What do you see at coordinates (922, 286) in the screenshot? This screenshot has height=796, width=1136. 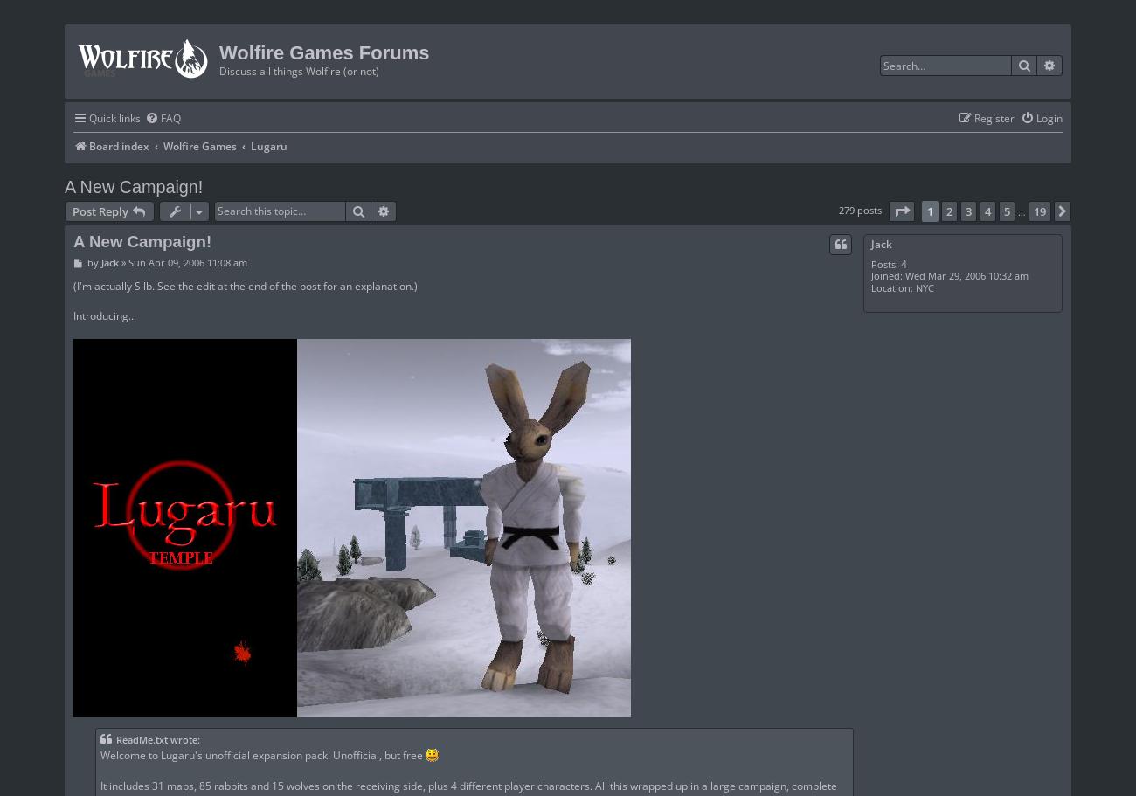 I see `'NYC'` at bounding box center [922, 286].